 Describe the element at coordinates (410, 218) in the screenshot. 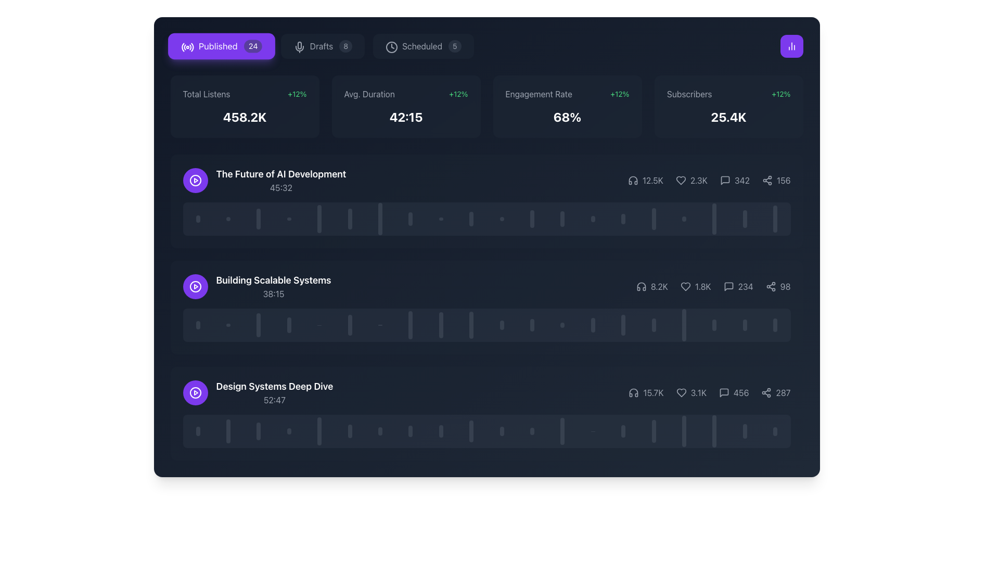

I see `the 8th graphical indicator bar, which is a narrow vertical rectangle with rounded ends styled in gray, located beneath the section titled 'The Future of AI Development'` at that location.